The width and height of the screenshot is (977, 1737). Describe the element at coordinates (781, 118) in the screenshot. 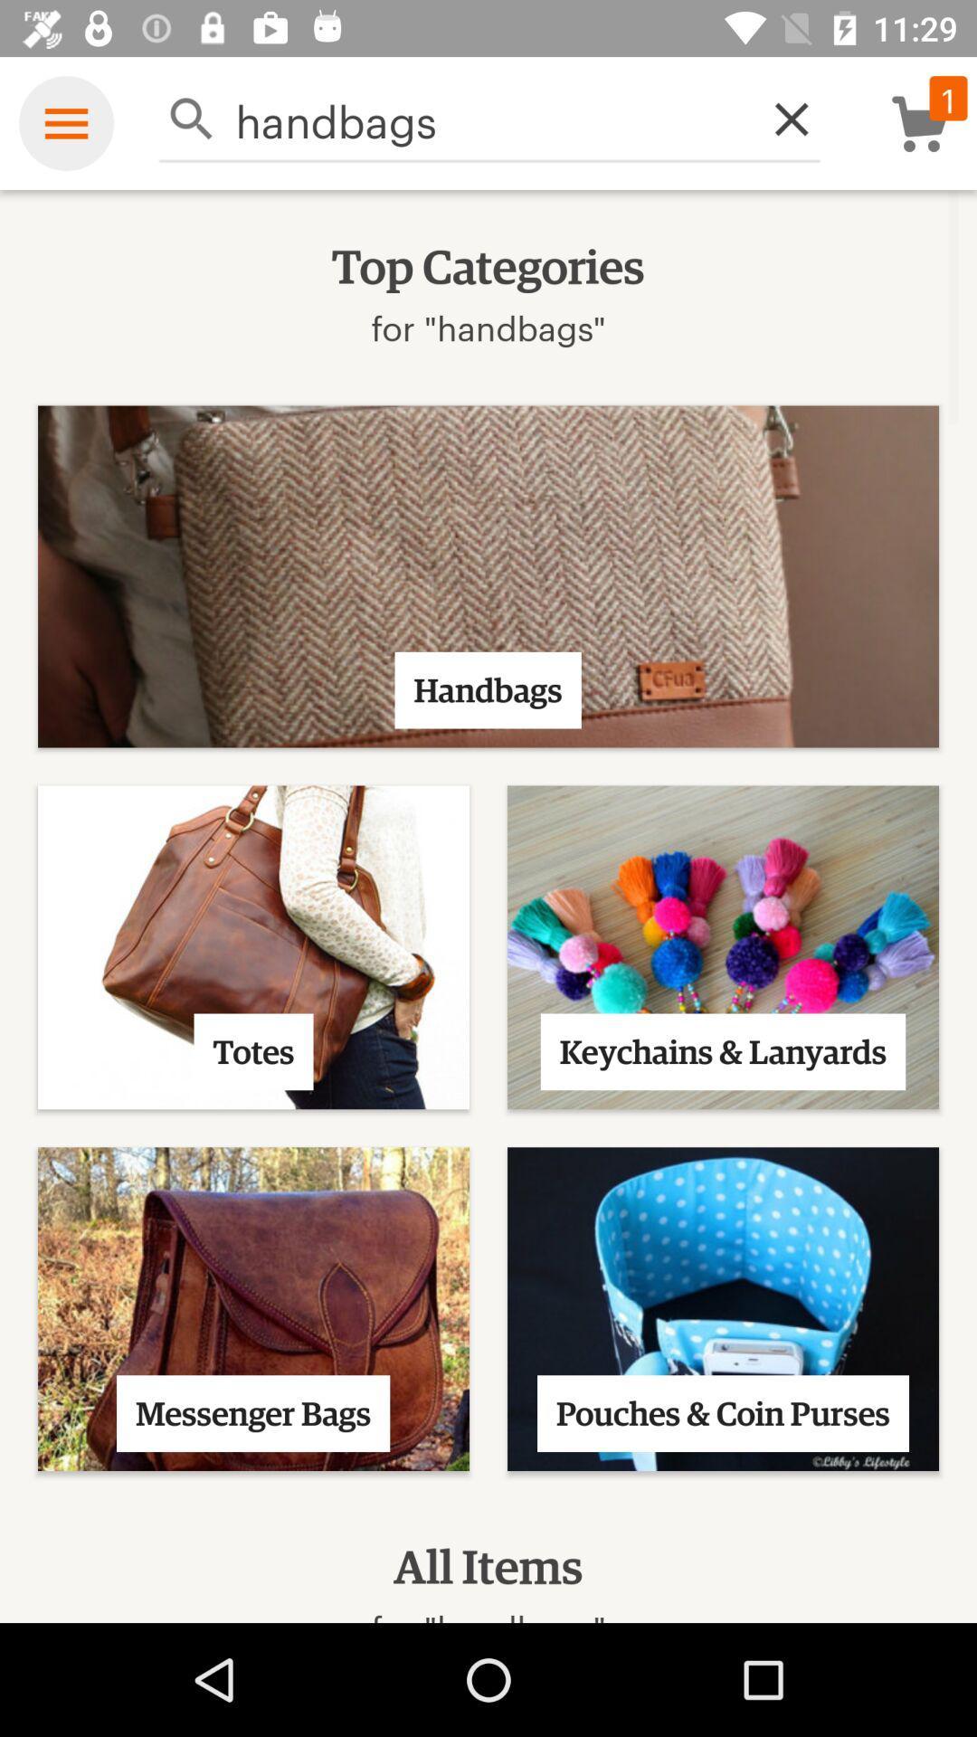

I see `the item to the right of the handbags` at that location.